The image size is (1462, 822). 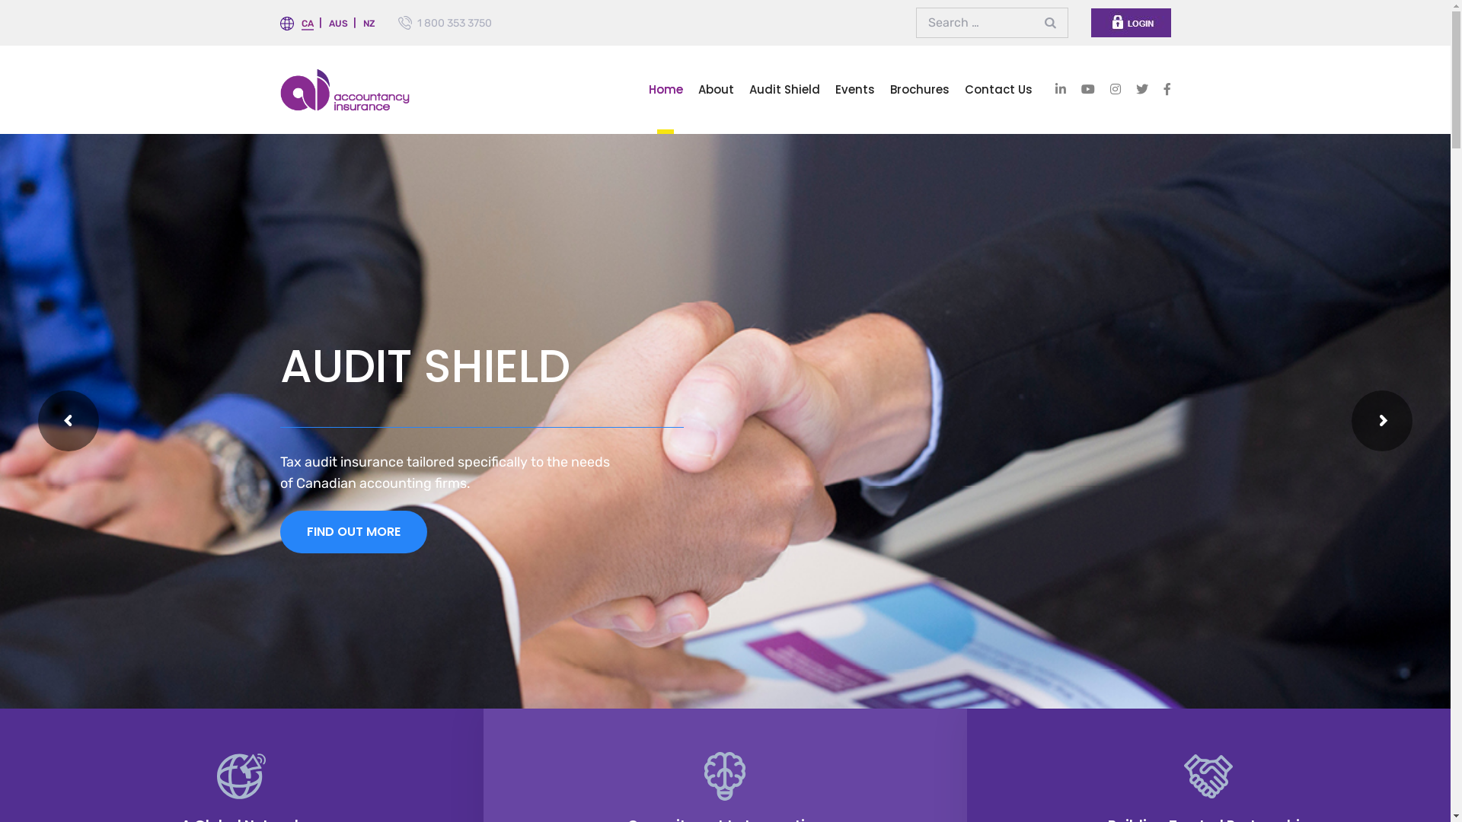 What do you see at coordinates (918, 89) in the screenshot?
I see `'Brochures'` at bounding box center [918, 89].